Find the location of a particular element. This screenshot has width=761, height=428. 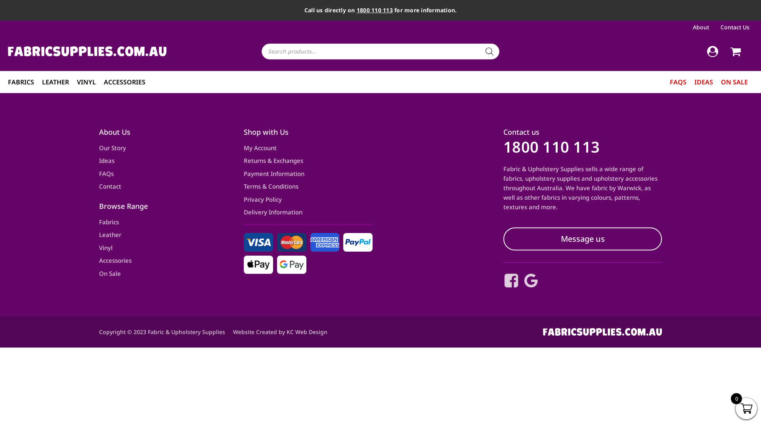

'ON SALE' is located at coordinates (734, 82).